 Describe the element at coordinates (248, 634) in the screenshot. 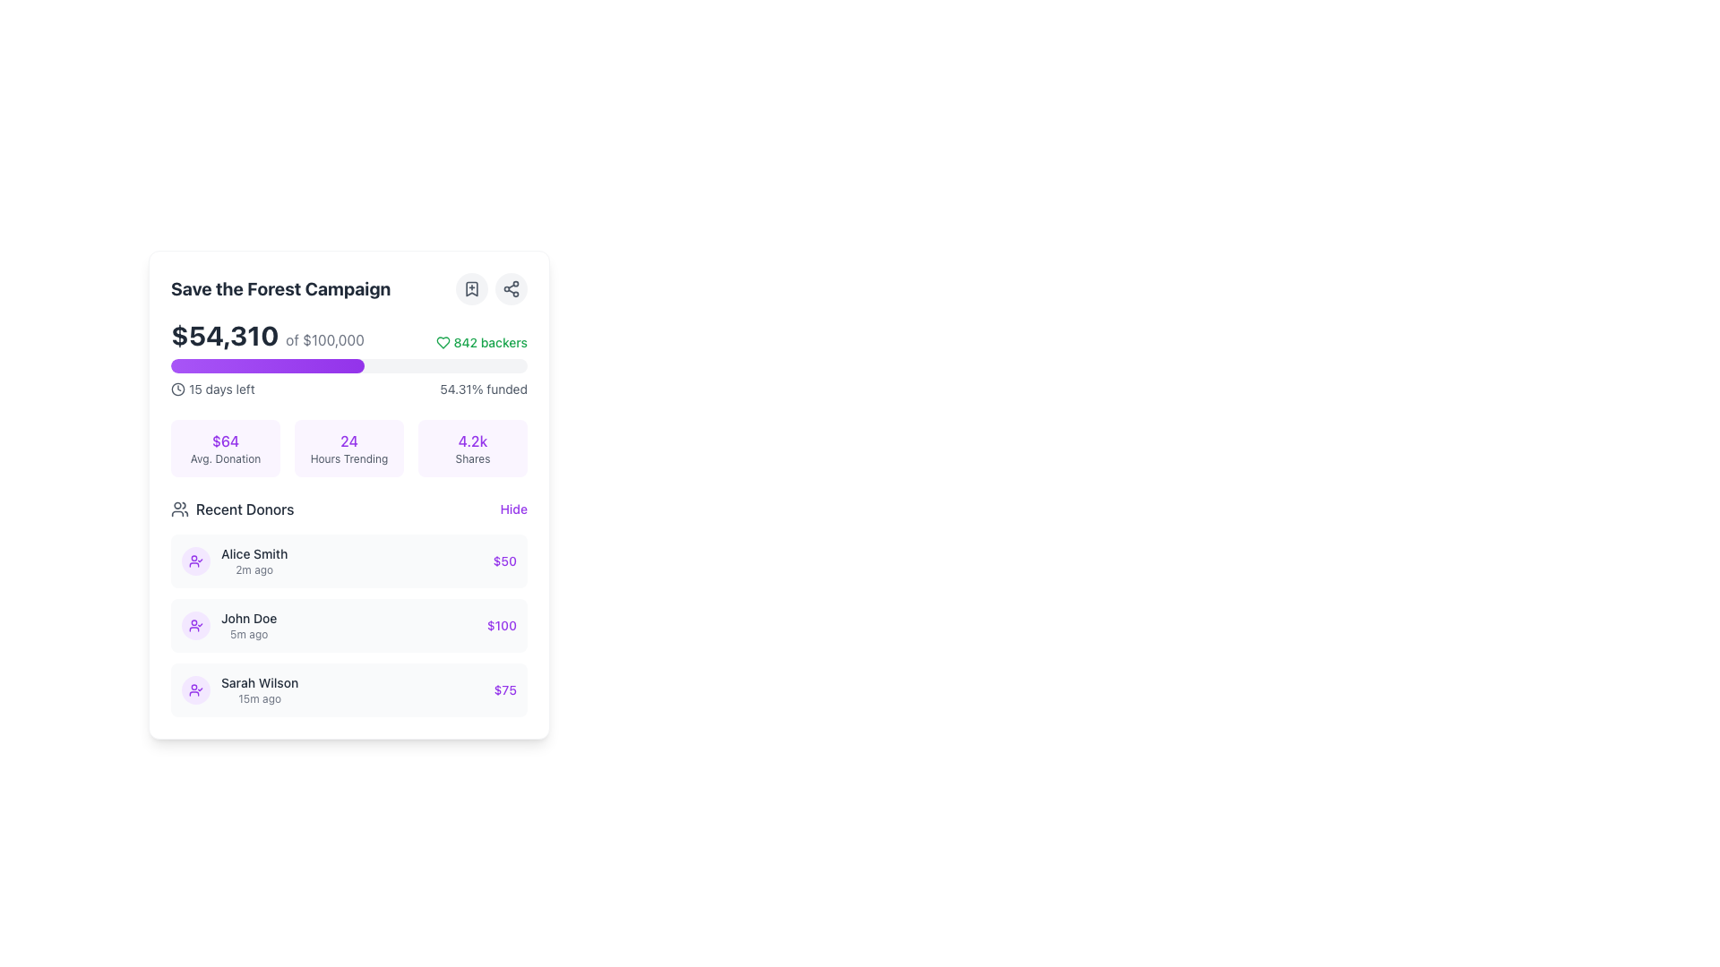

I see `the text label that indicates the elapsed time since the last activity for donor 'John Doe', which is positioned beneath the name 'John Doe' and to the right of the avatar icon` at that location.